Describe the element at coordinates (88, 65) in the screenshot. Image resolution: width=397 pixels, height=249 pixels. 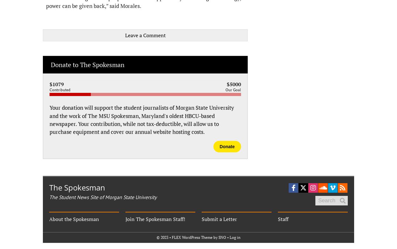
I see `'Donate to The Spokesman'` at that location.